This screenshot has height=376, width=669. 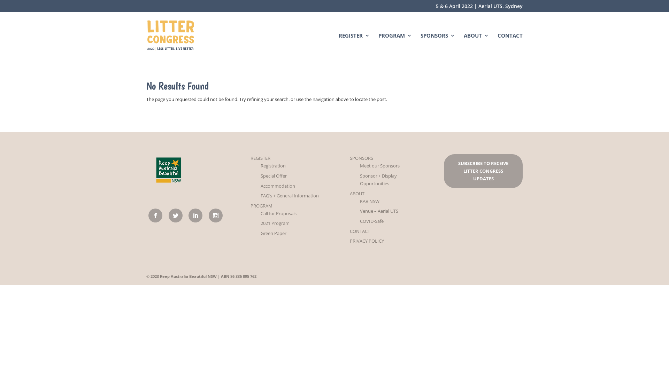 What do you see at coordinates (360, 201) in the screenshot?
I see `'KAB NSW'` at bounding box center [360, 201].